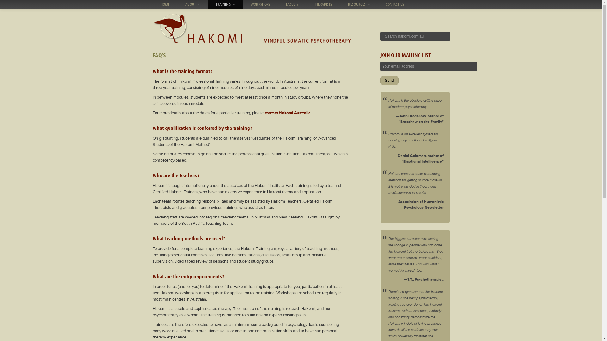 The image size is (607, 341). What do you see at coordinates (389, 80) in the screenshot?
I see `'Send'` at bounding box center [389, 80].